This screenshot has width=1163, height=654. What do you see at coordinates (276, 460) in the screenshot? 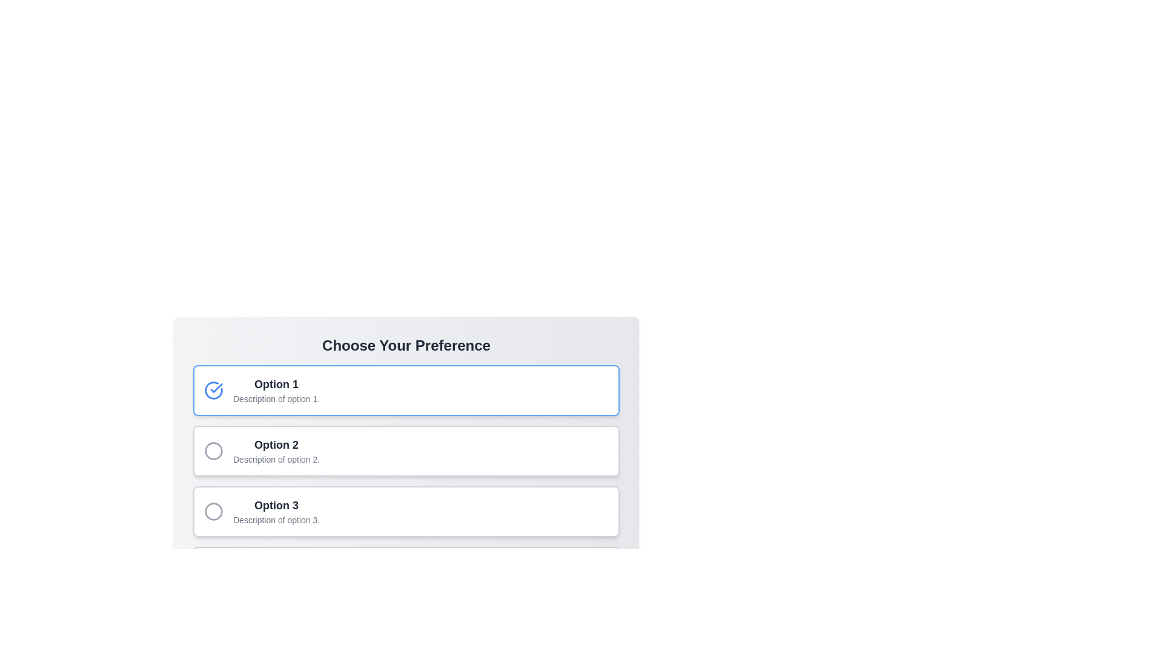
I see `the text label displaying 'Description of option 2.' which is positioned below the 'Option 2' header` at bounding box center [276, 460].